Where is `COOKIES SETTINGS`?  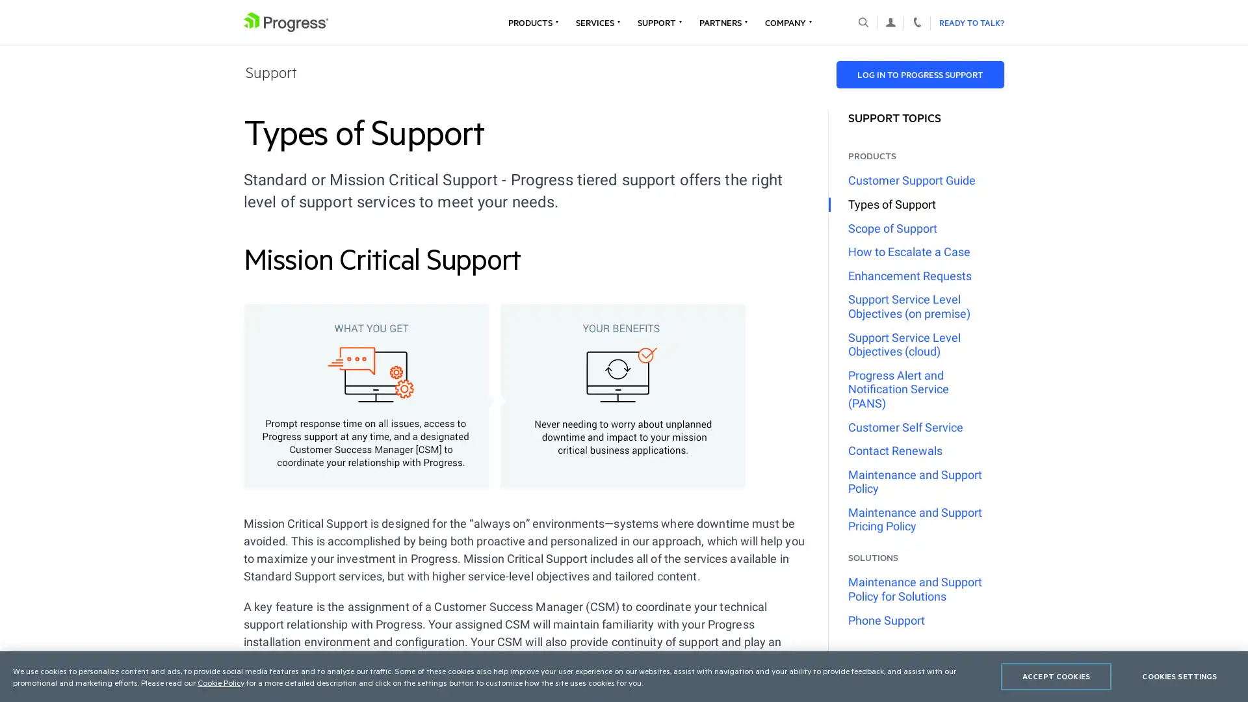
COOKIES SETTINGS is located at coordinates (1179, 676).